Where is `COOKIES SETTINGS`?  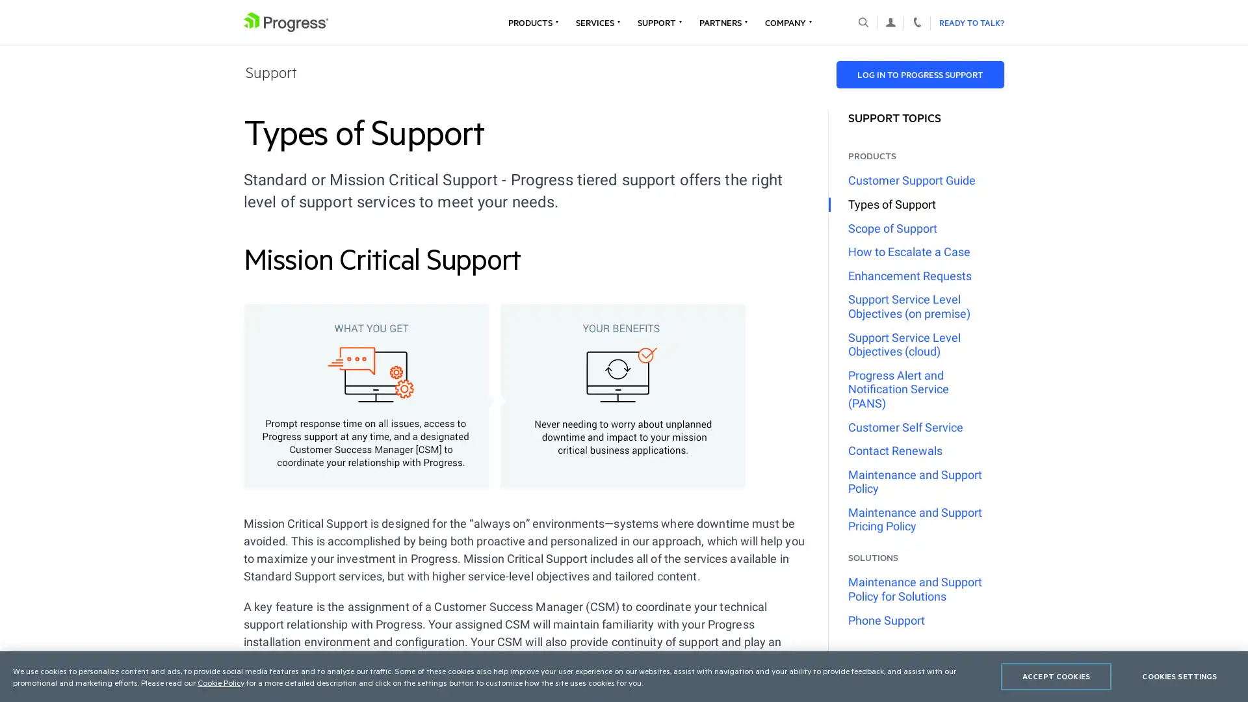
COOKIES SETTINGS is located at coordinates (1179, 676).